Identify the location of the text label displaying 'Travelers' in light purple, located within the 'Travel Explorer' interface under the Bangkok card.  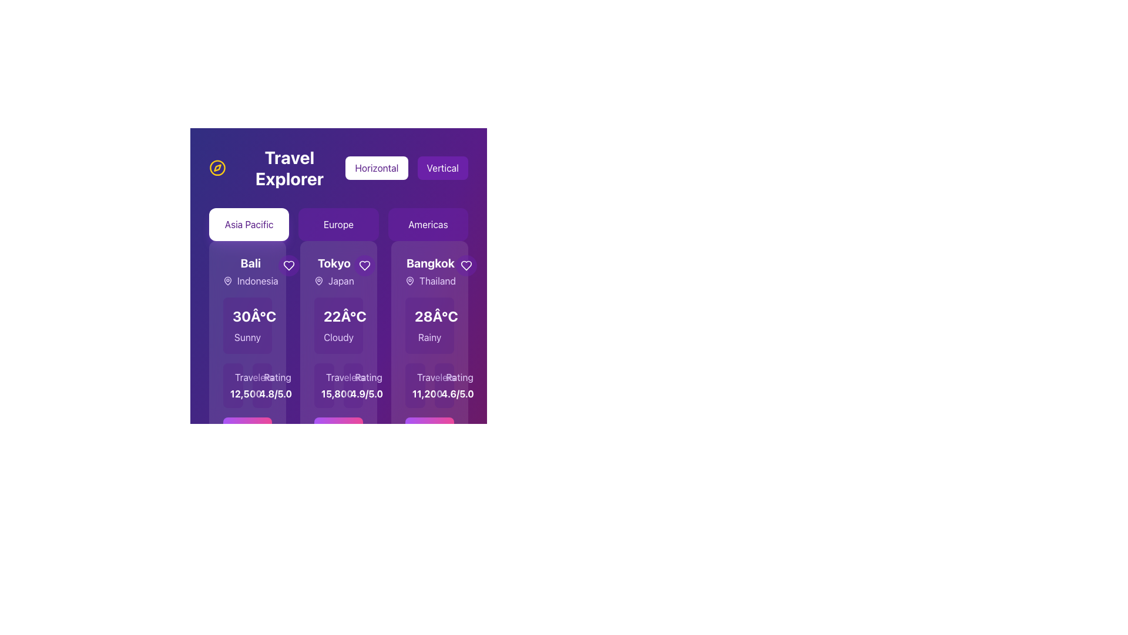
(435, 377).